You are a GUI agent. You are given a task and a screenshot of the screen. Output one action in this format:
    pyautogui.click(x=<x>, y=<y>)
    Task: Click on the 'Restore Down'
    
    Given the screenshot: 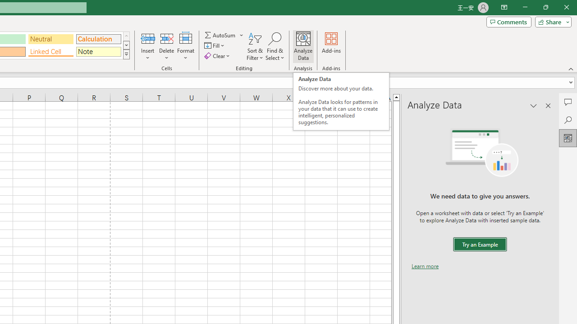 What is the action you would take?
    pyautogui.click(x=545, y=7)
    